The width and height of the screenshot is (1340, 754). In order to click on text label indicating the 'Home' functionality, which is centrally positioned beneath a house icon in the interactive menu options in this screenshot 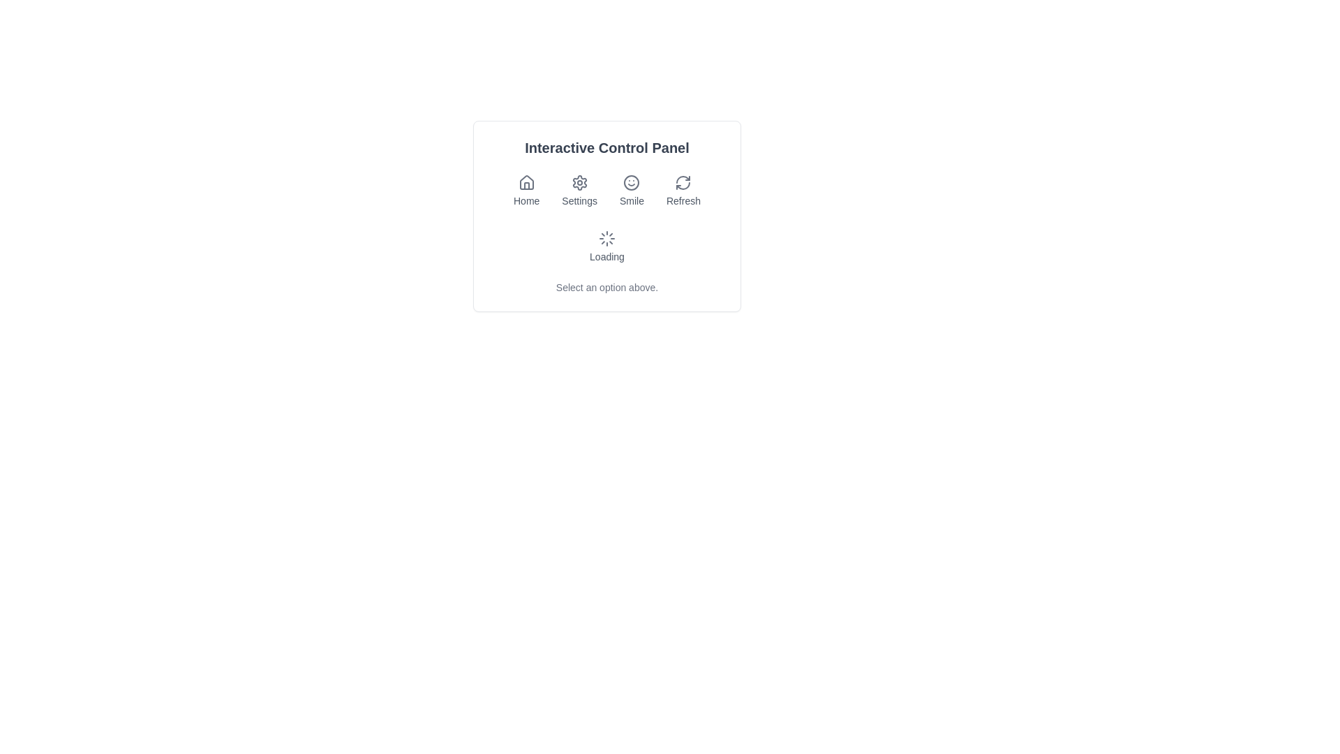, I will do `click(526, 201)`.